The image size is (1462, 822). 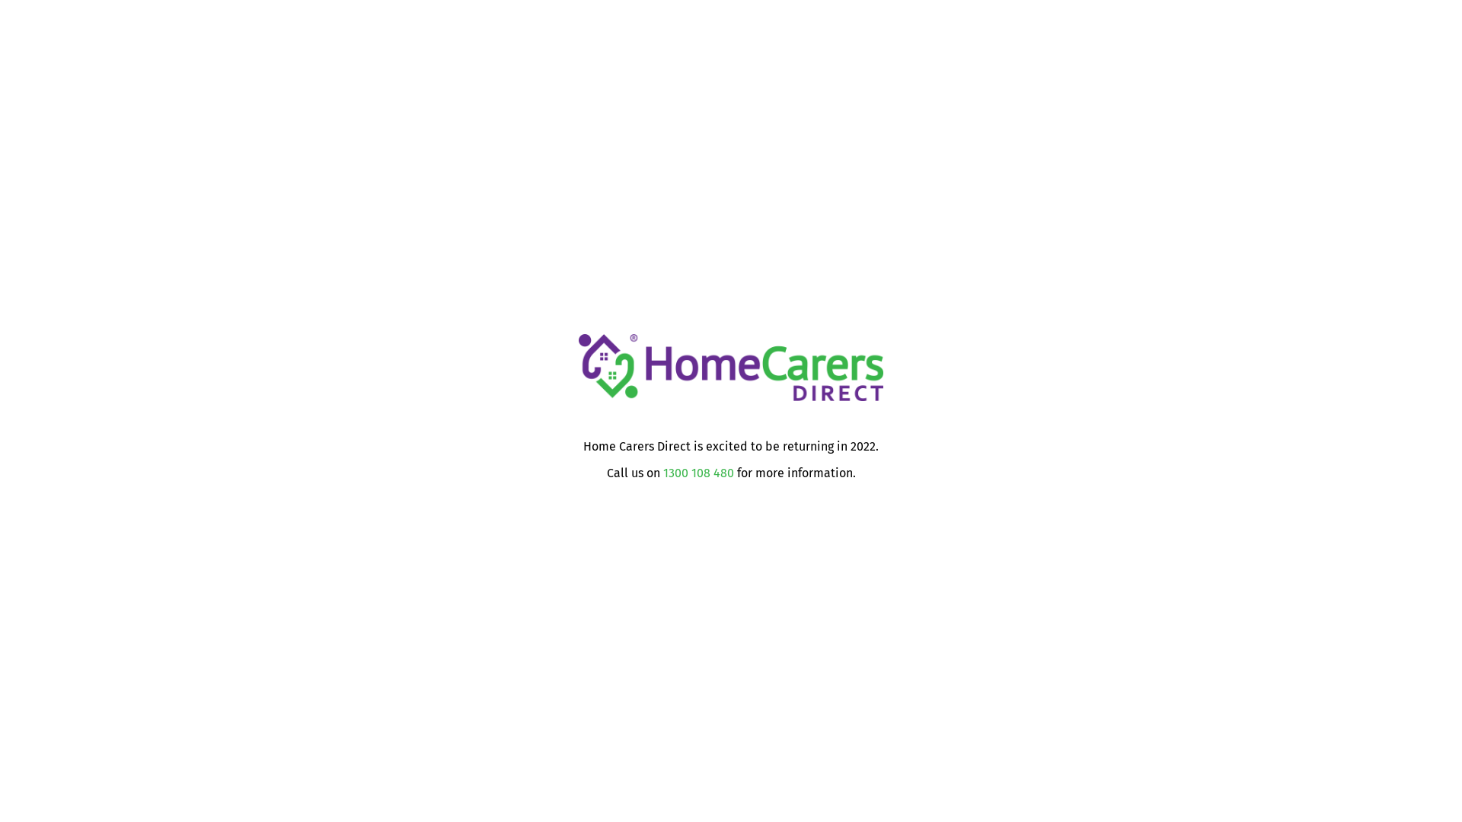 I want to click on '1300 108 480', so click(x=697, y=472).